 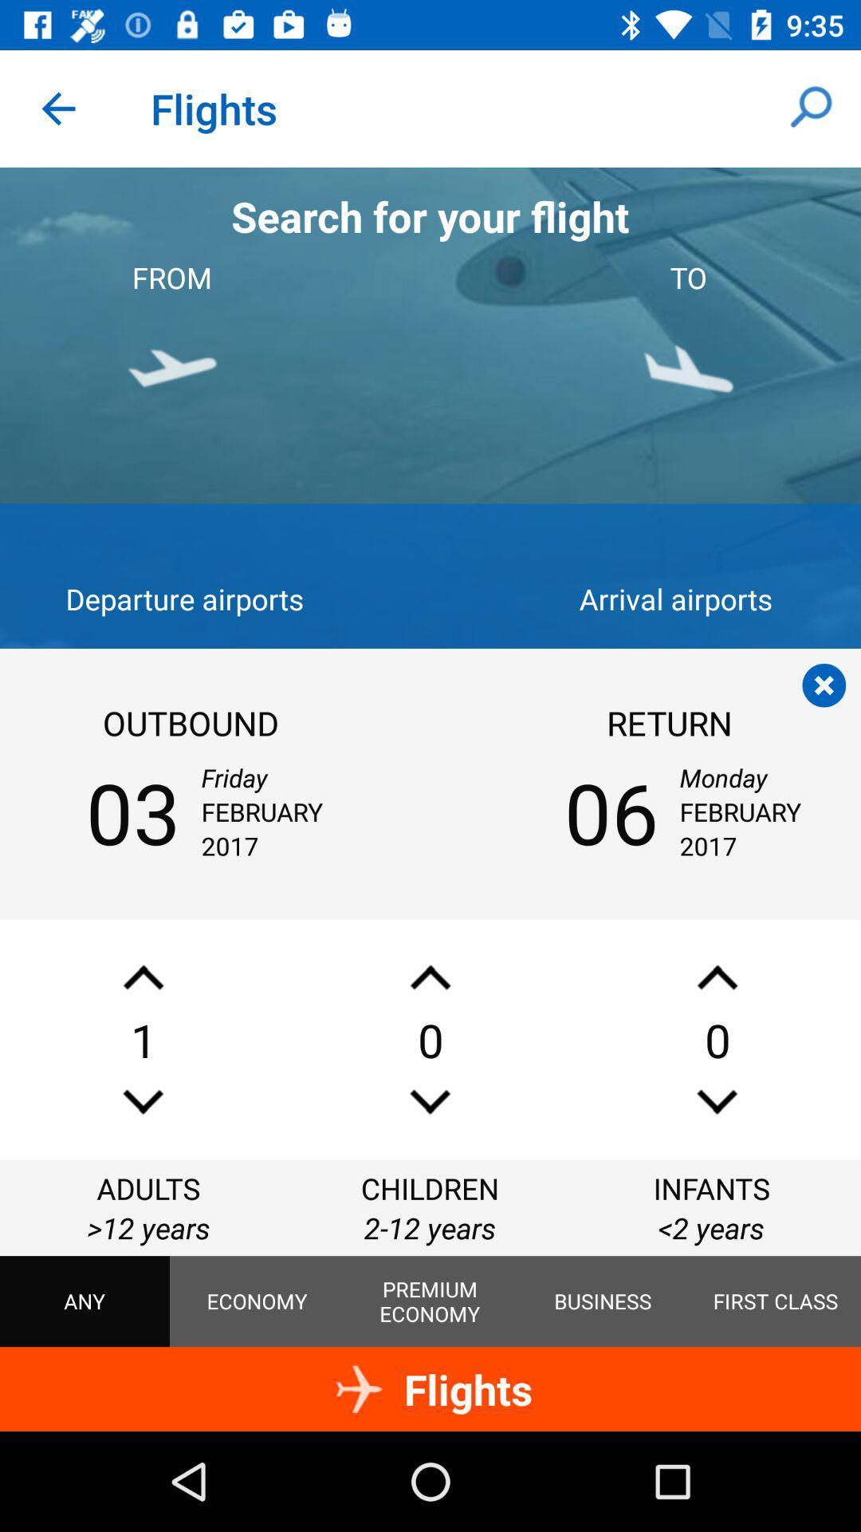 What do you see at coordinates (431, 977) in the screenshot?
I see `the font icon` at bounding box center [431, 977].